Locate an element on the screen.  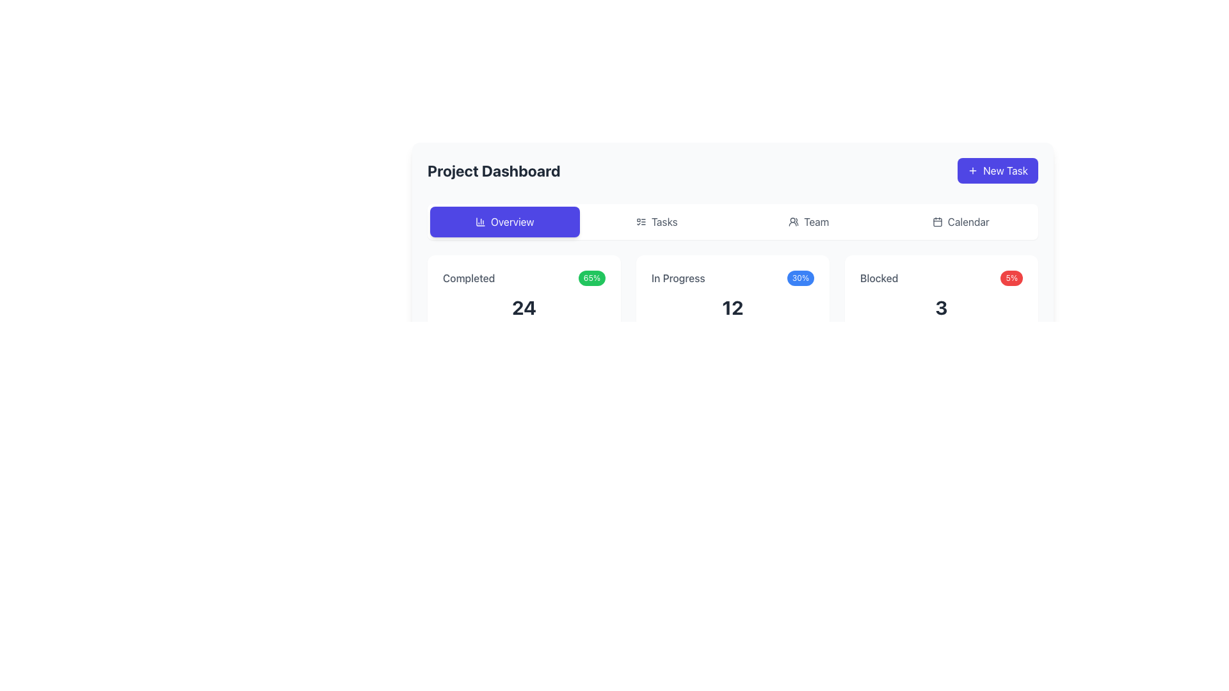
the 'Tasks' text label, which is styled in a sans-serif font and dark gray color, located in the top navigation bar between the 'Overview' and 'Team' buttons is located at coordinates (664, 221).